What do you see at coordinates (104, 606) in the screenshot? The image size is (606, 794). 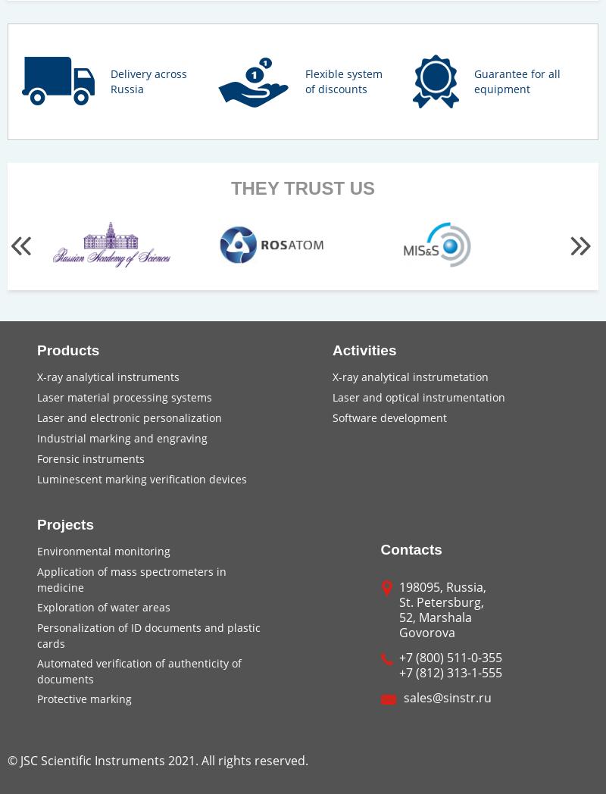 I see `'Exploration of water areas'` at bounding box center [104, 606].